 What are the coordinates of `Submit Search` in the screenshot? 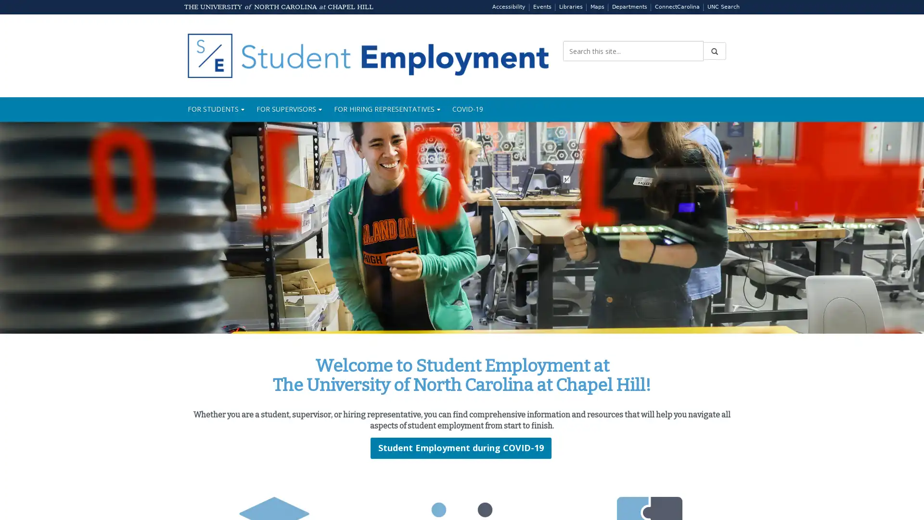 It's located at (714, 51).